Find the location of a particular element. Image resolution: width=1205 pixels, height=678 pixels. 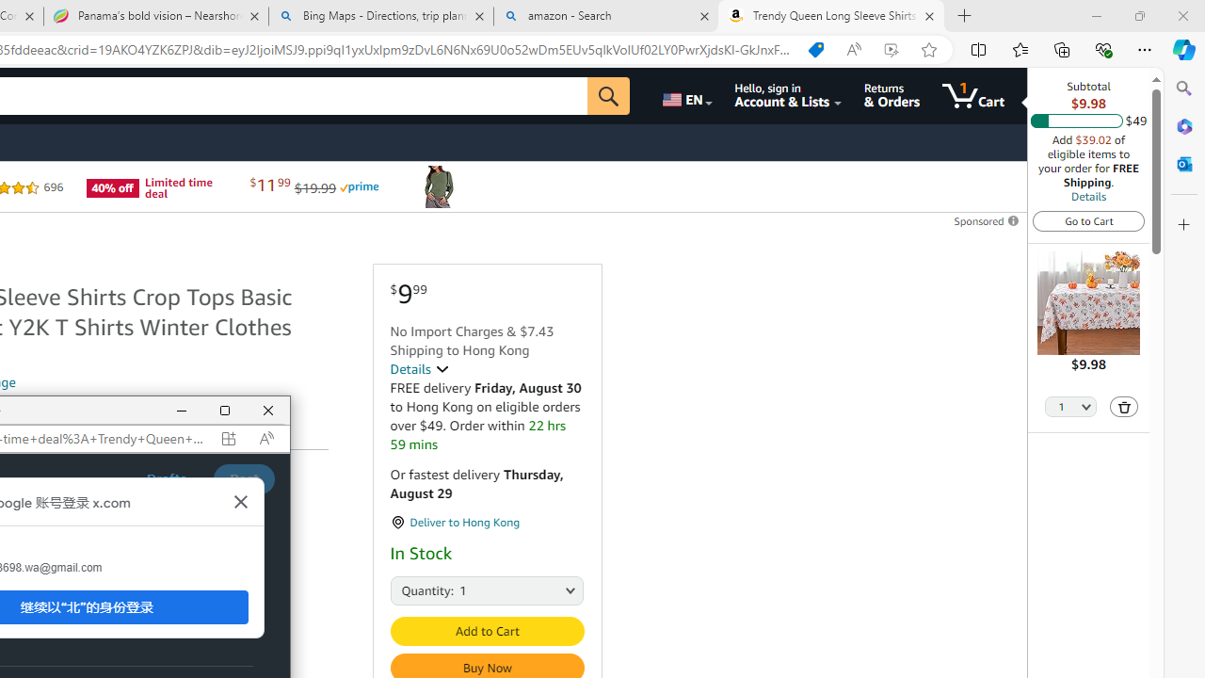

'You have the best price!' is located at coordinates (816, 49).